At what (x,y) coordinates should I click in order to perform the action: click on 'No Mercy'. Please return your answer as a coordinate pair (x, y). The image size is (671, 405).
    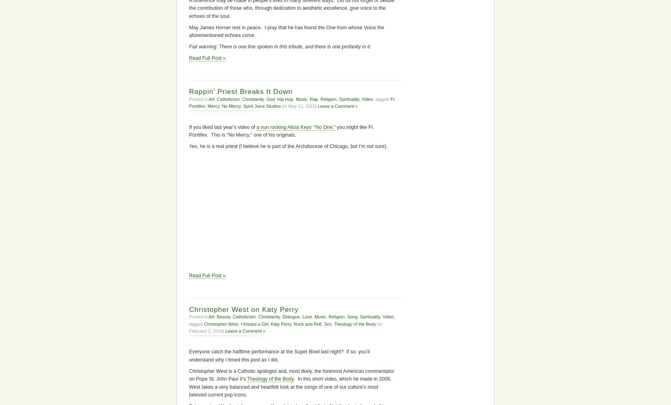
    Looking at the image, I should click on (230, 106).